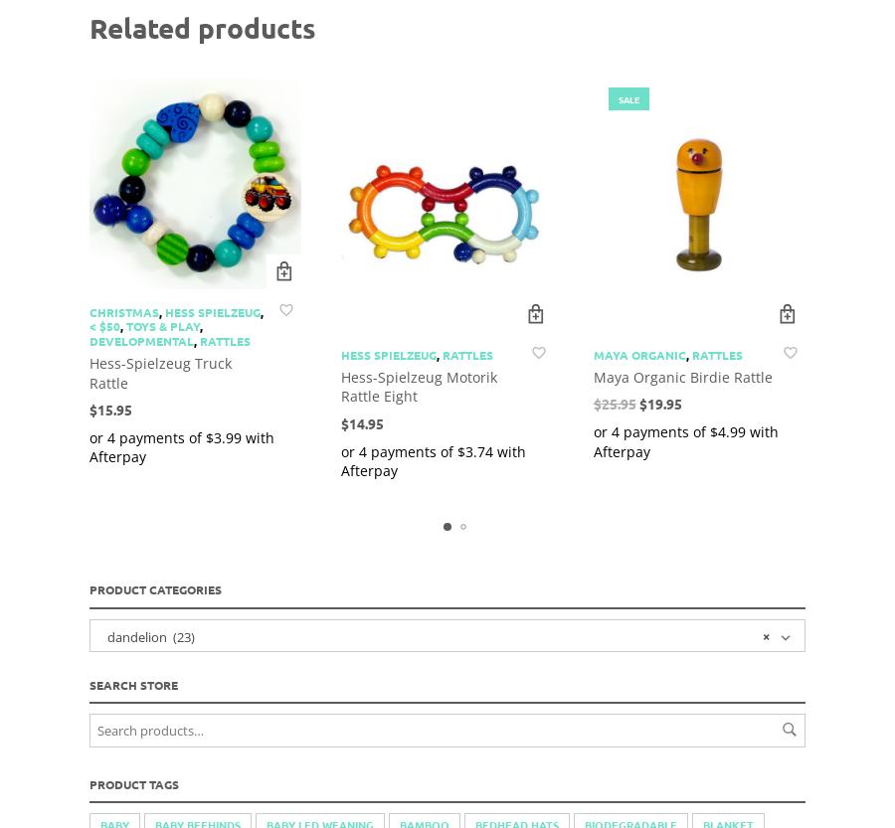  What do you see at coordinates (103, 325) in the screenshot?
I see `'< $50'` at bounding box center [103, 325].